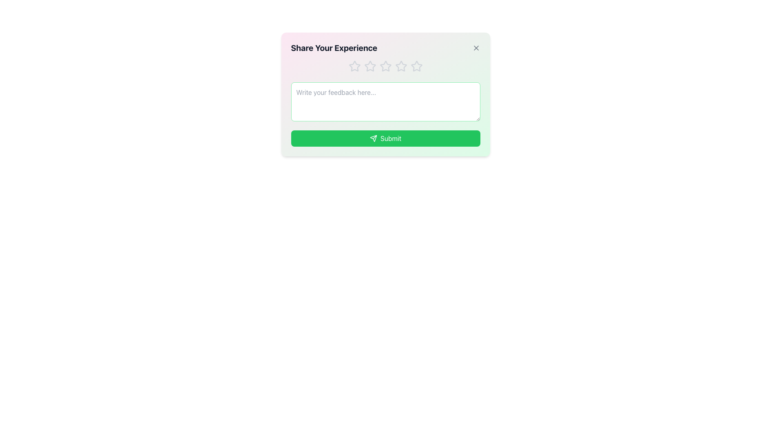 This screenshot has height=440, width=783. Describe the element at coordinates (416, 66) in the screenshot. I see `the fifth star-shaped rating icon, which is light gray with a thin outline` at that location.